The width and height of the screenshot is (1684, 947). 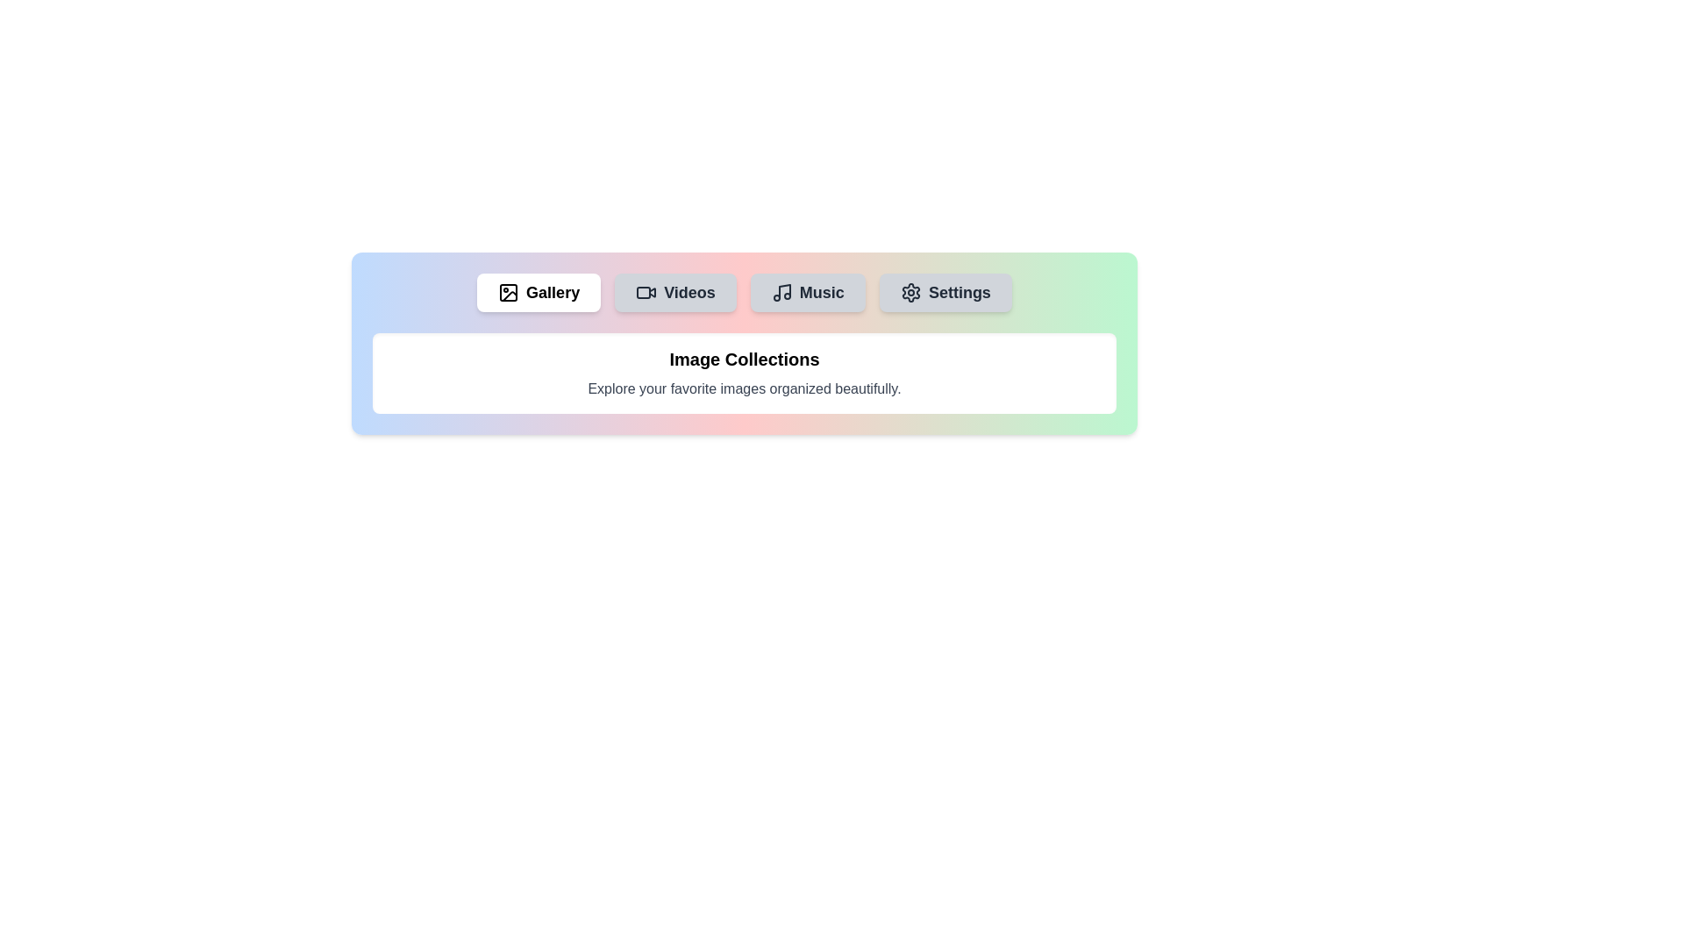 I want to click on the tab labeled Music, so click(x=807, y=292).